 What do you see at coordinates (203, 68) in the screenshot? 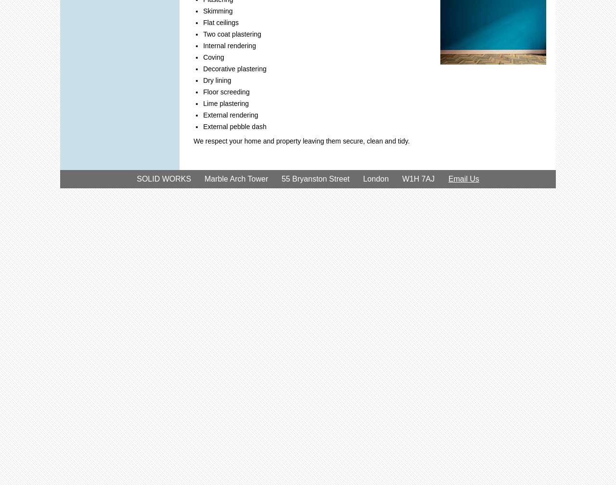
I see `'Decorative plastering'` at bounding box center [203, 68].